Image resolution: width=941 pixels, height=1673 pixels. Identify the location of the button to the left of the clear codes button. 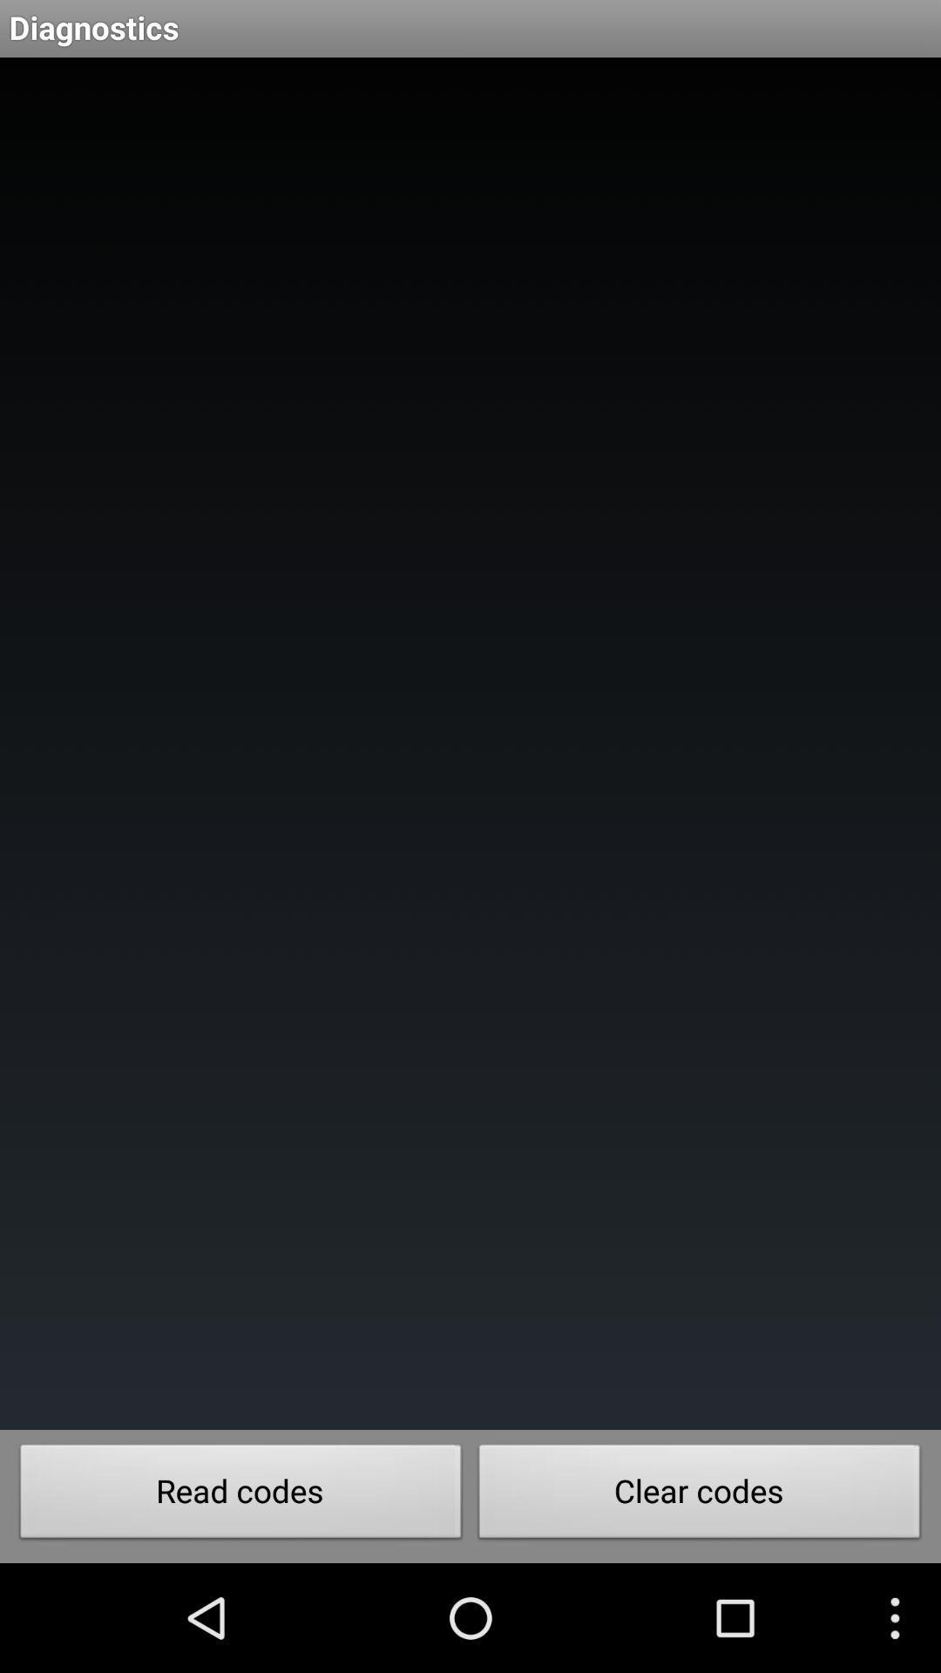
(240, 1495).